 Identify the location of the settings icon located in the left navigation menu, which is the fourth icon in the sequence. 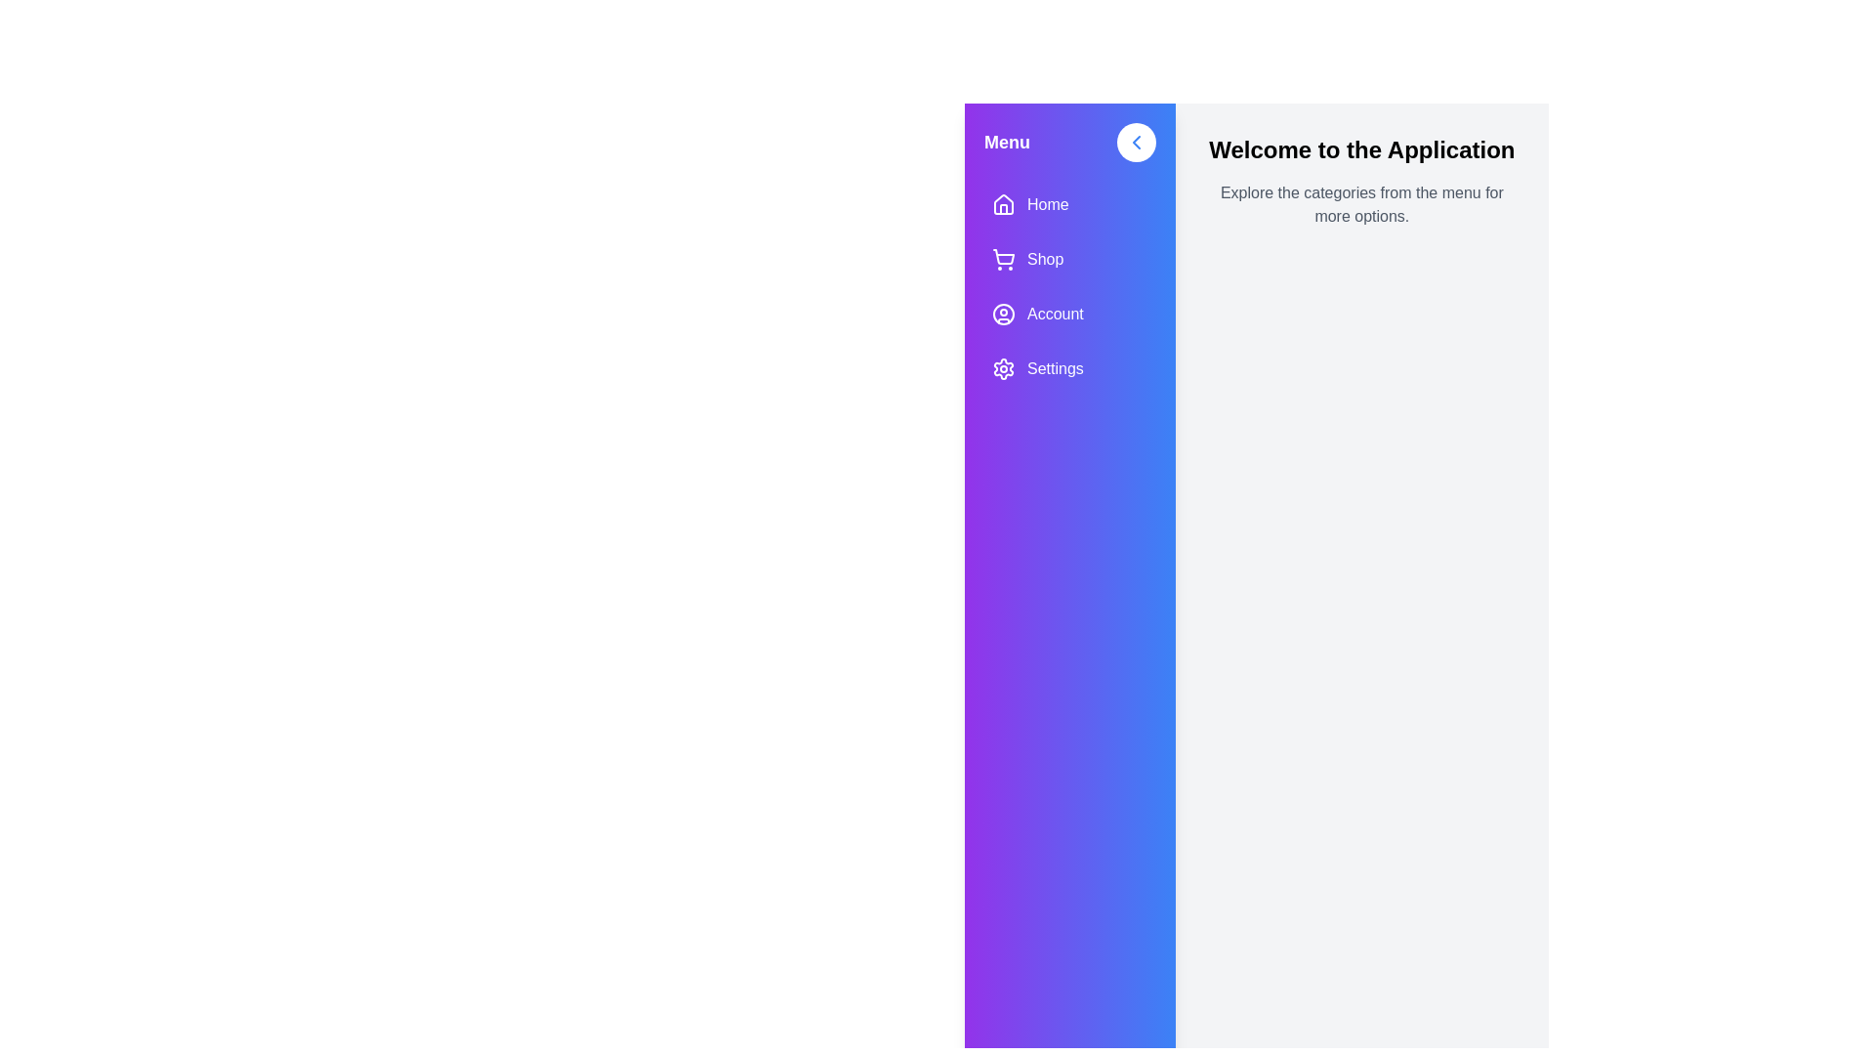
(1003, 369).